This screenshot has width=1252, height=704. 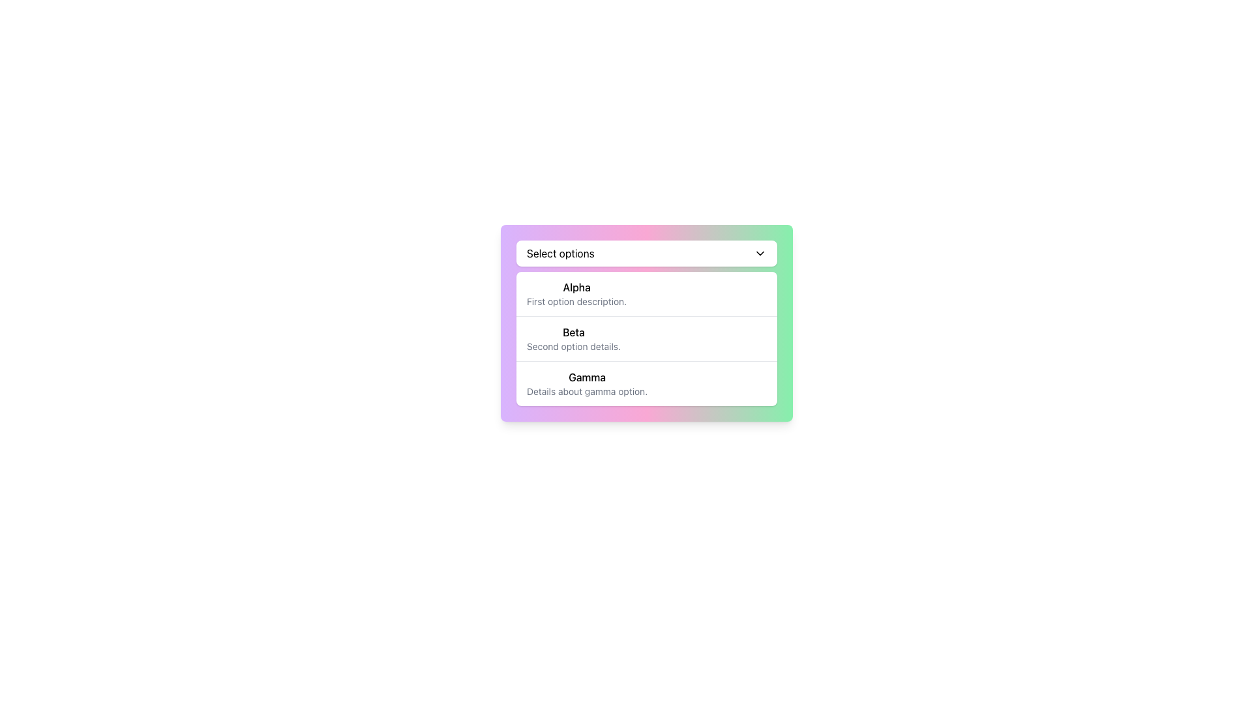 What do you see at coordinates (586, 383) in the screenshot?
I see `the 'Gamma' option in the dropdown list` at bounding box center [586, 383].